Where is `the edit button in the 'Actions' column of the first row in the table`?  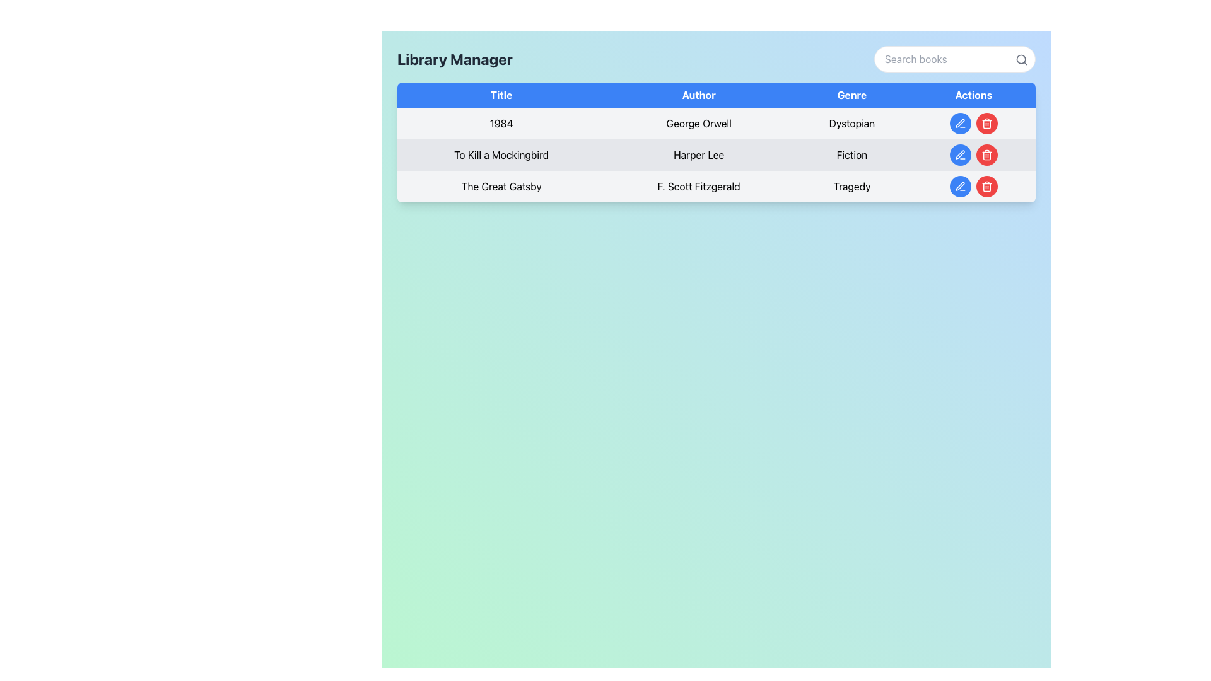 the edit button in the 'Actions' column of the first row in the table is located at coordinates (959, 124).